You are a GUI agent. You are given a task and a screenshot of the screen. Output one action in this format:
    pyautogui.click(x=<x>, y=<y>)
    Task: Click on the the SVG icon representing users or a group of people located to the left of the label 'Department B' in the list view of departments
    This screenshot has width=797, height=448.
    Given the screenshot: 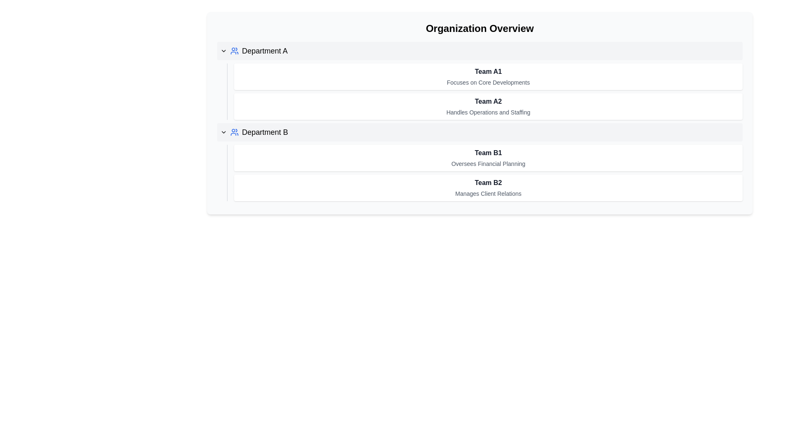 What is the action you would take?
    pyautogui.click(x=234, y=132)
    